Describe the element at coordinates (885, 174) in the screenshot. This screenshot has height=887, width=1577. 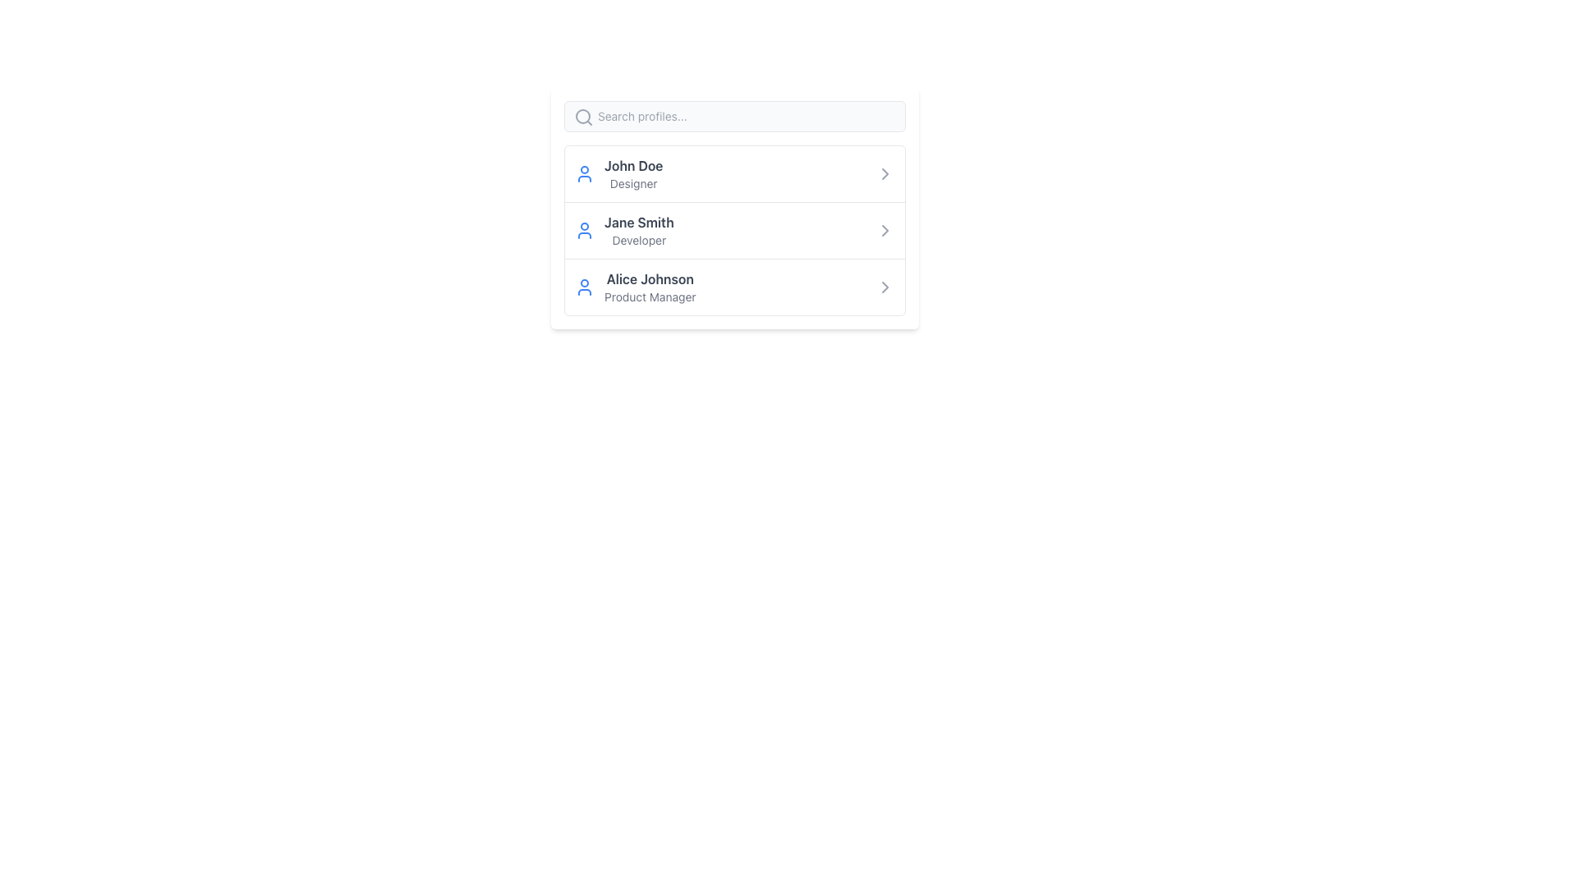
I see `the chevron icon indicating navigation or expansion for 'John Doe' to provide interaction feedback` at that location.